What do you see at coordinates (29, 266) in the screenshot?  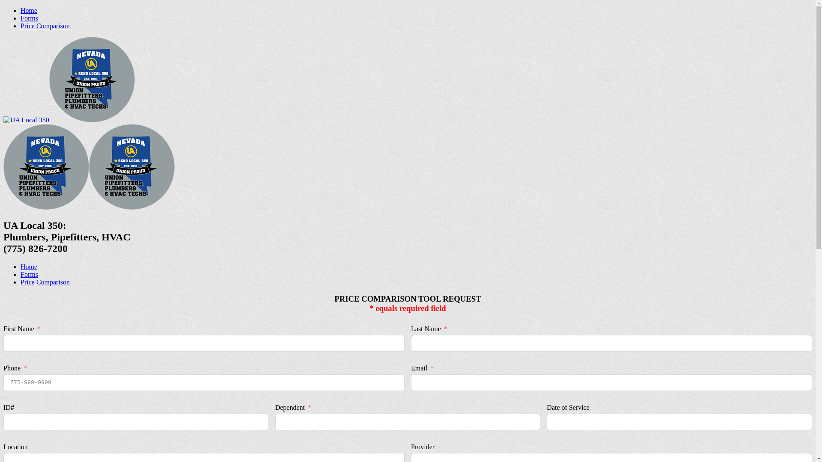 I see `'Home'` at bounding box center [29, 266].